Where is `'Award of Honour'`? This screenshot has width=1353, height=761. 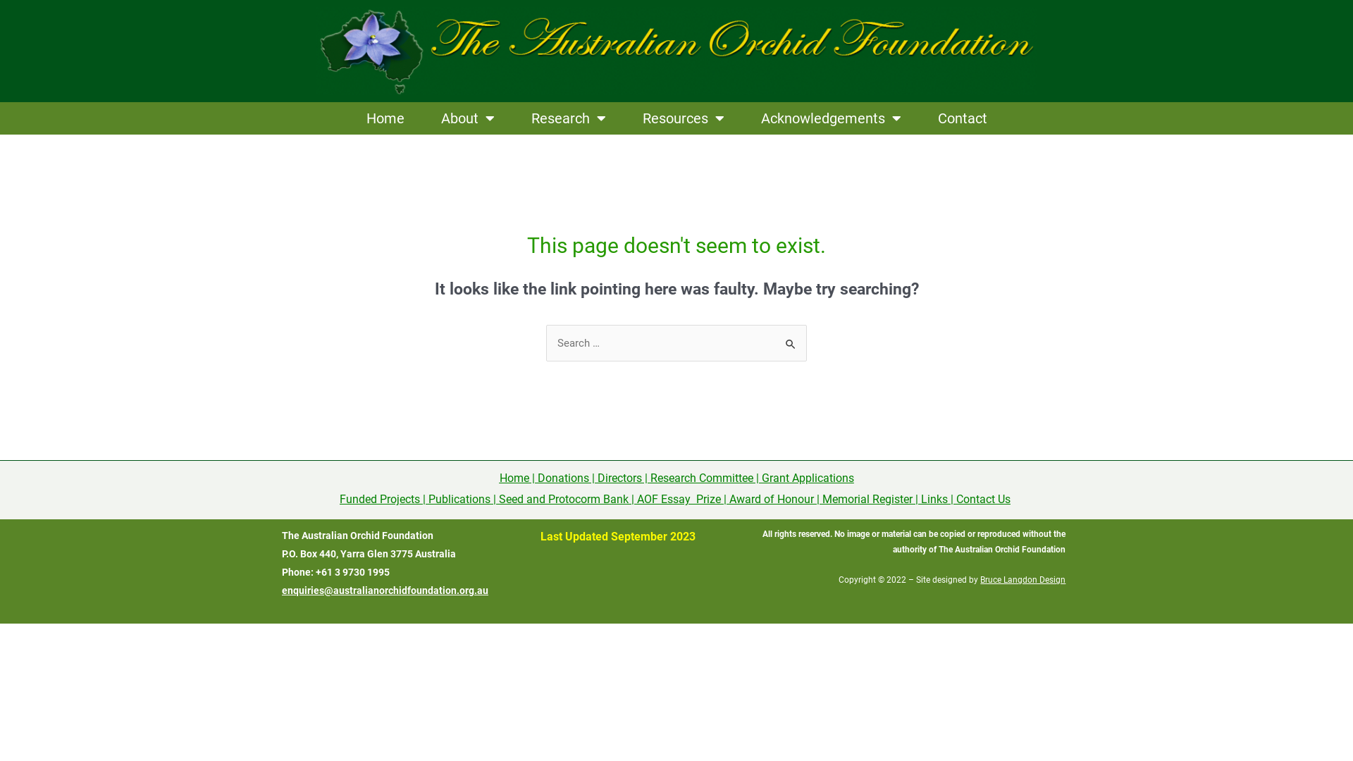 'Award of Honour' is located at coordinates (770, 498).